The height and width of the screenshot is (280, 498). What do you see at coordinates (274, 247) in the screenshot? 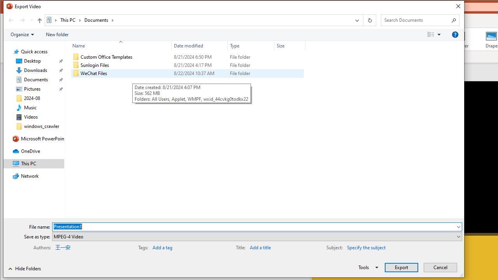
I see `'Title'` at bounding box center [274, 247].